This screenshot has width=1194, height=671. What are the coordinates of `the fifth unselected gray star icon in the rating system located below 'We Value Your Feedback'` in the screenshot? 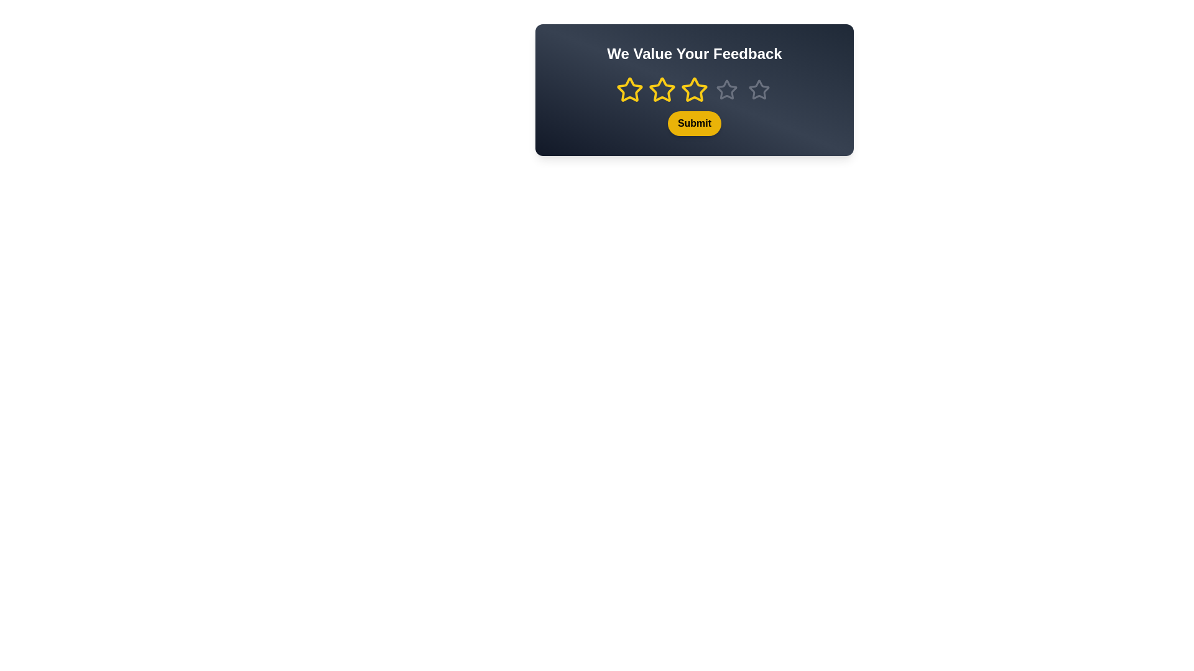 It's located at (758, 89).